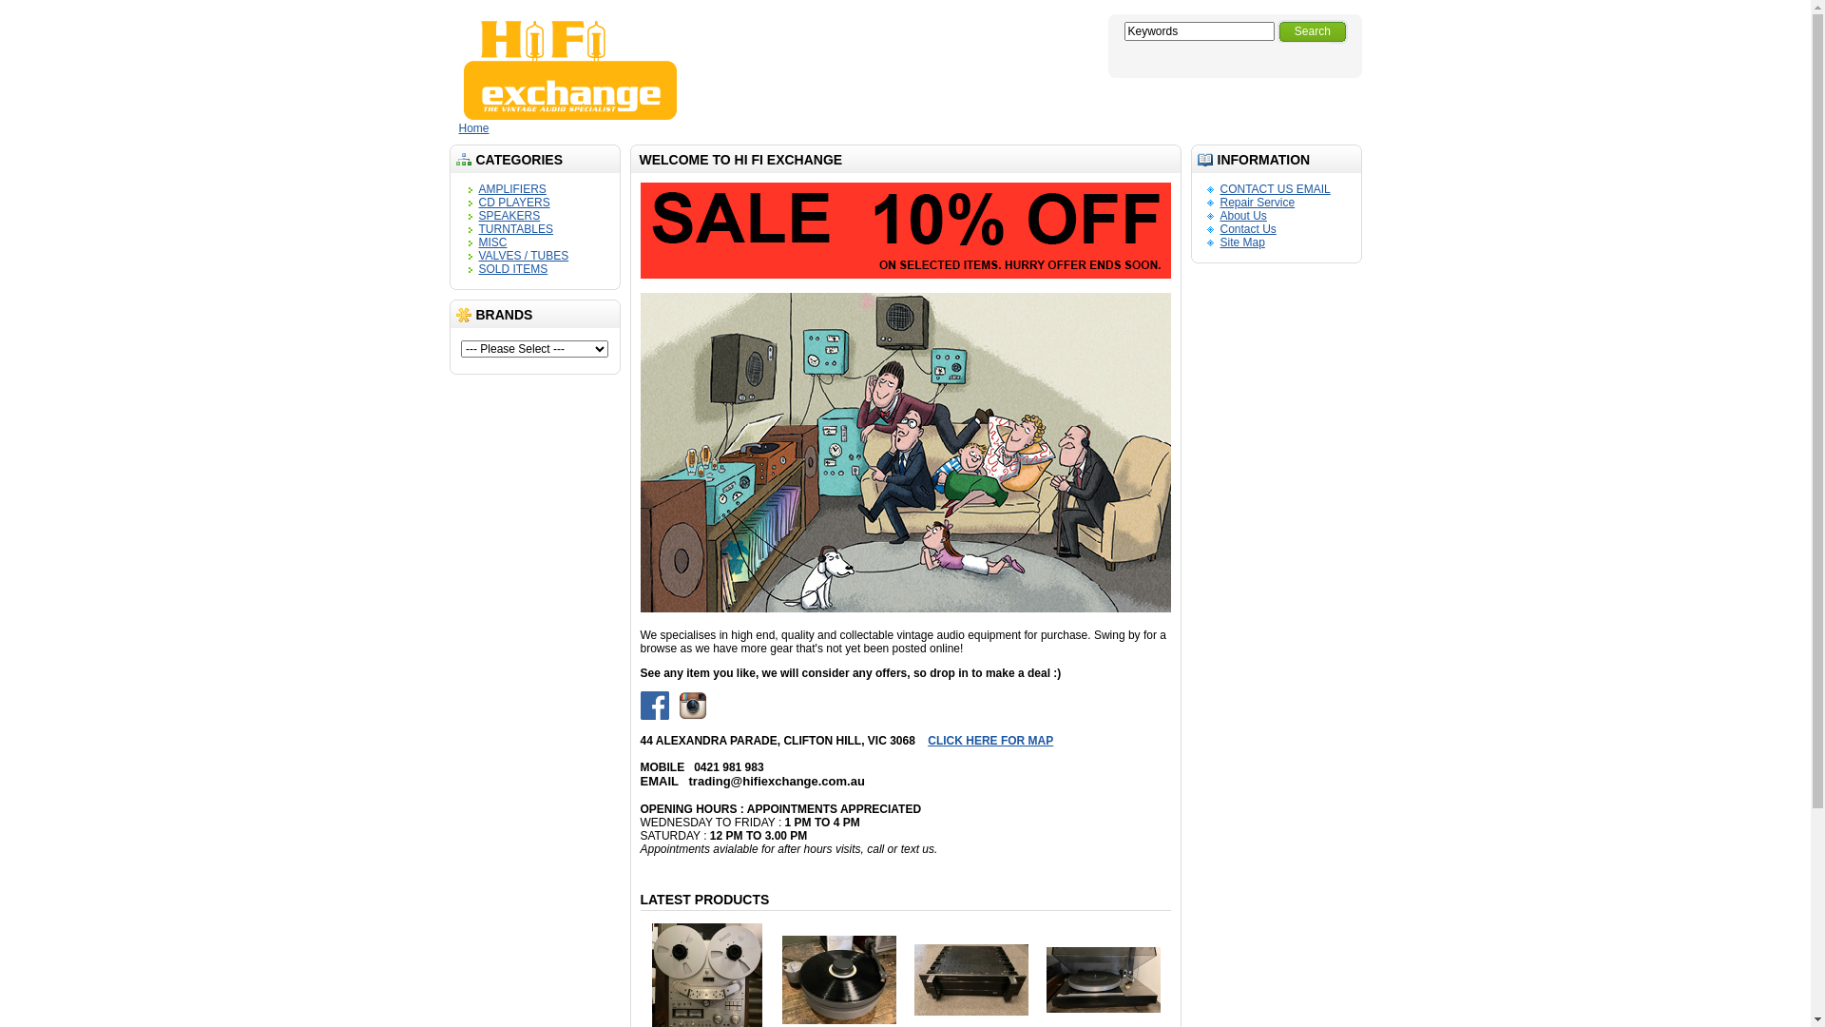 The height and width of the screenshot is (1027, 1825). I want to click on 'Home', so click(473, 128).